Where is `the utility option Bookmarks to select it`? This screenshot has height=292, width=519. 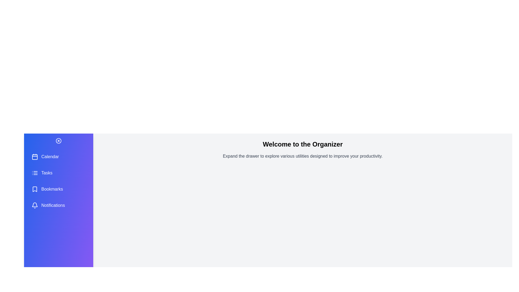
the utility option Bookmarks to select it is located at coordinates (58, 189).